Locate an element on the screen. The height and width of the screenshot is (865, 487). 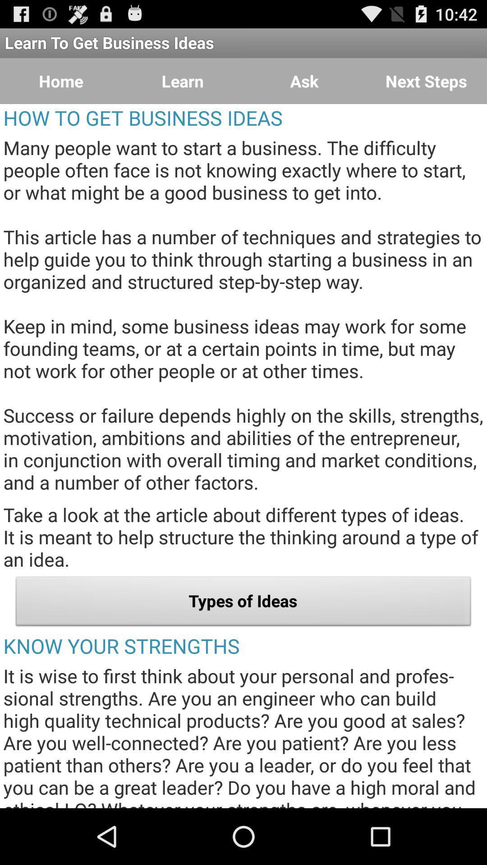
button to the right of ask icon is located at coordinates (426, 81).